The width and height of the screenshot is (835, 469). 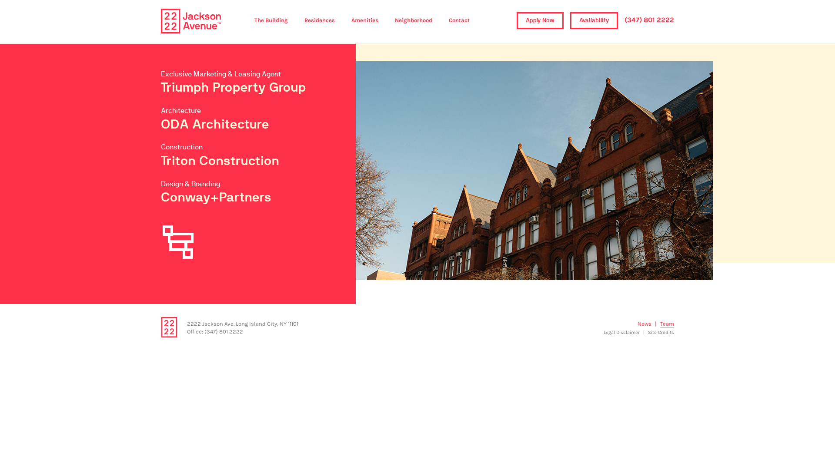 I want to click on 'News', so click(x=645, y=324).